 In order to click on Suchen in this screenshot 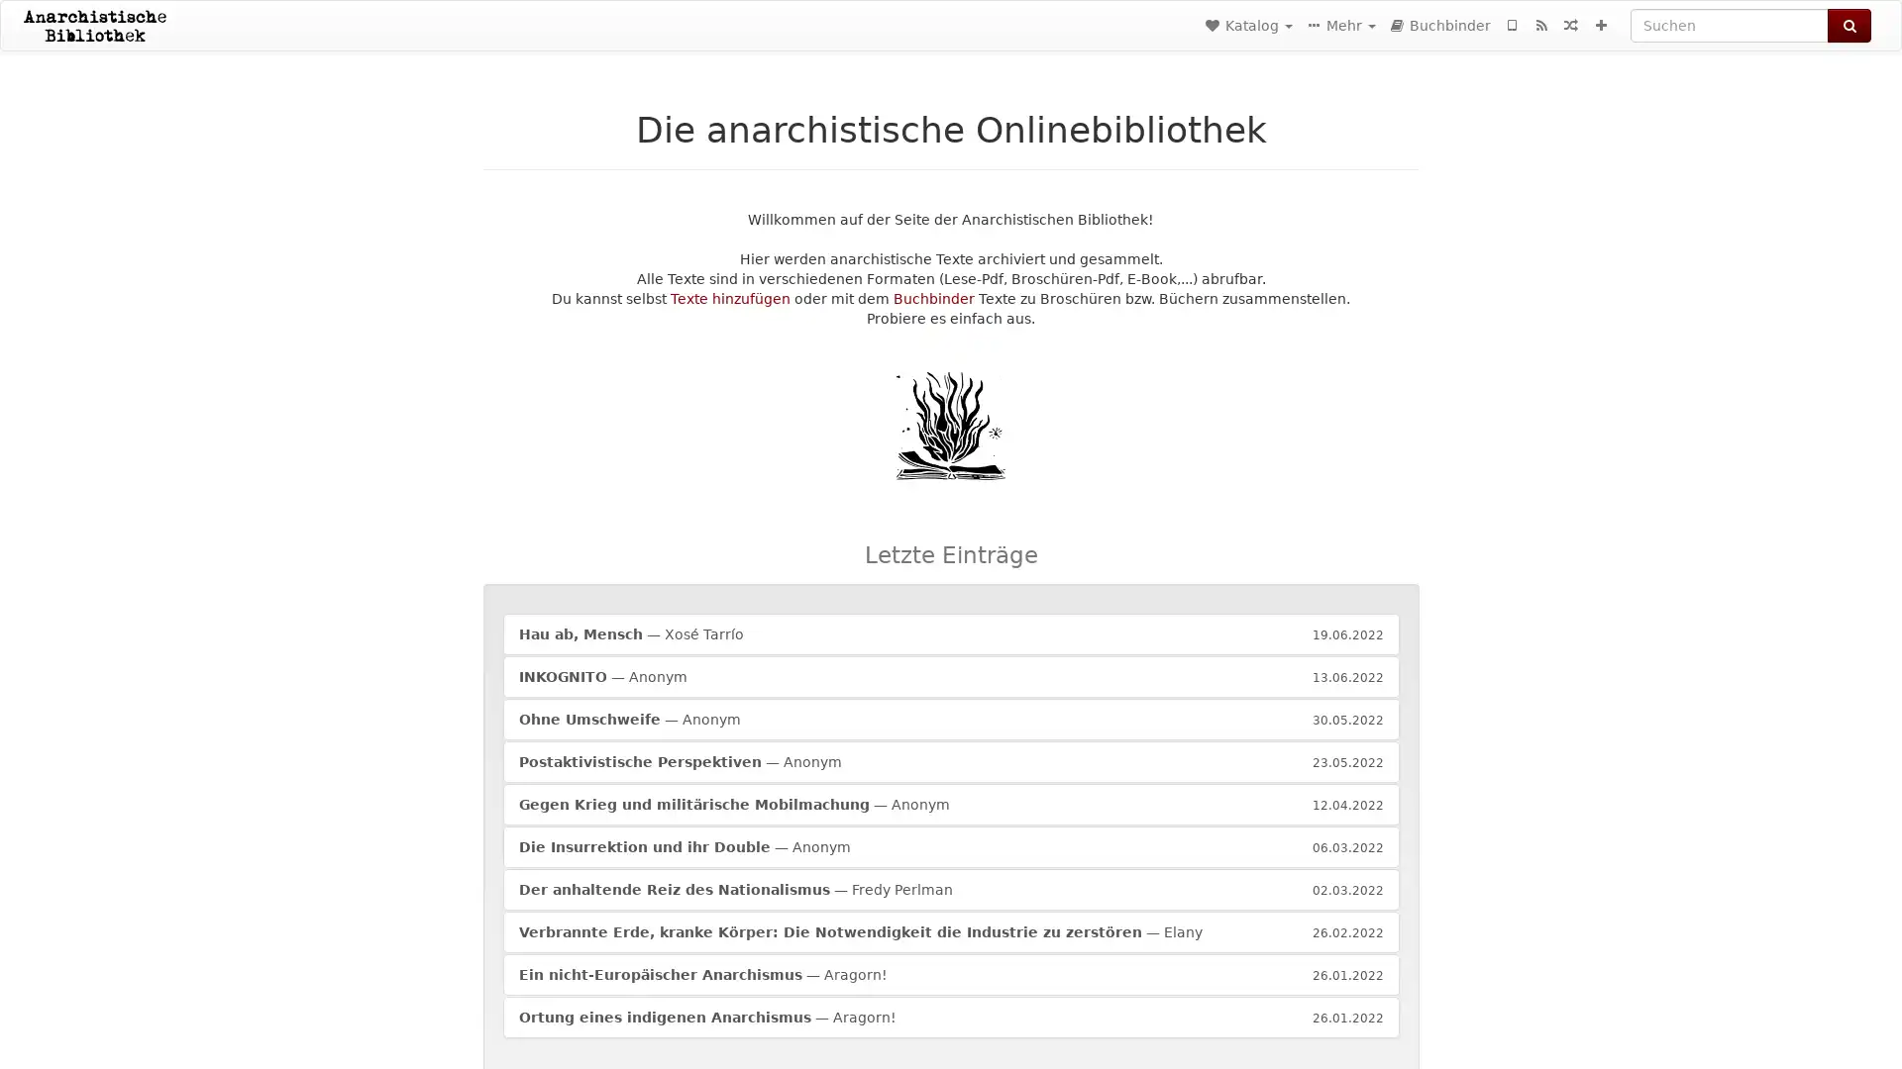, I will do `click(1849, 26)`.